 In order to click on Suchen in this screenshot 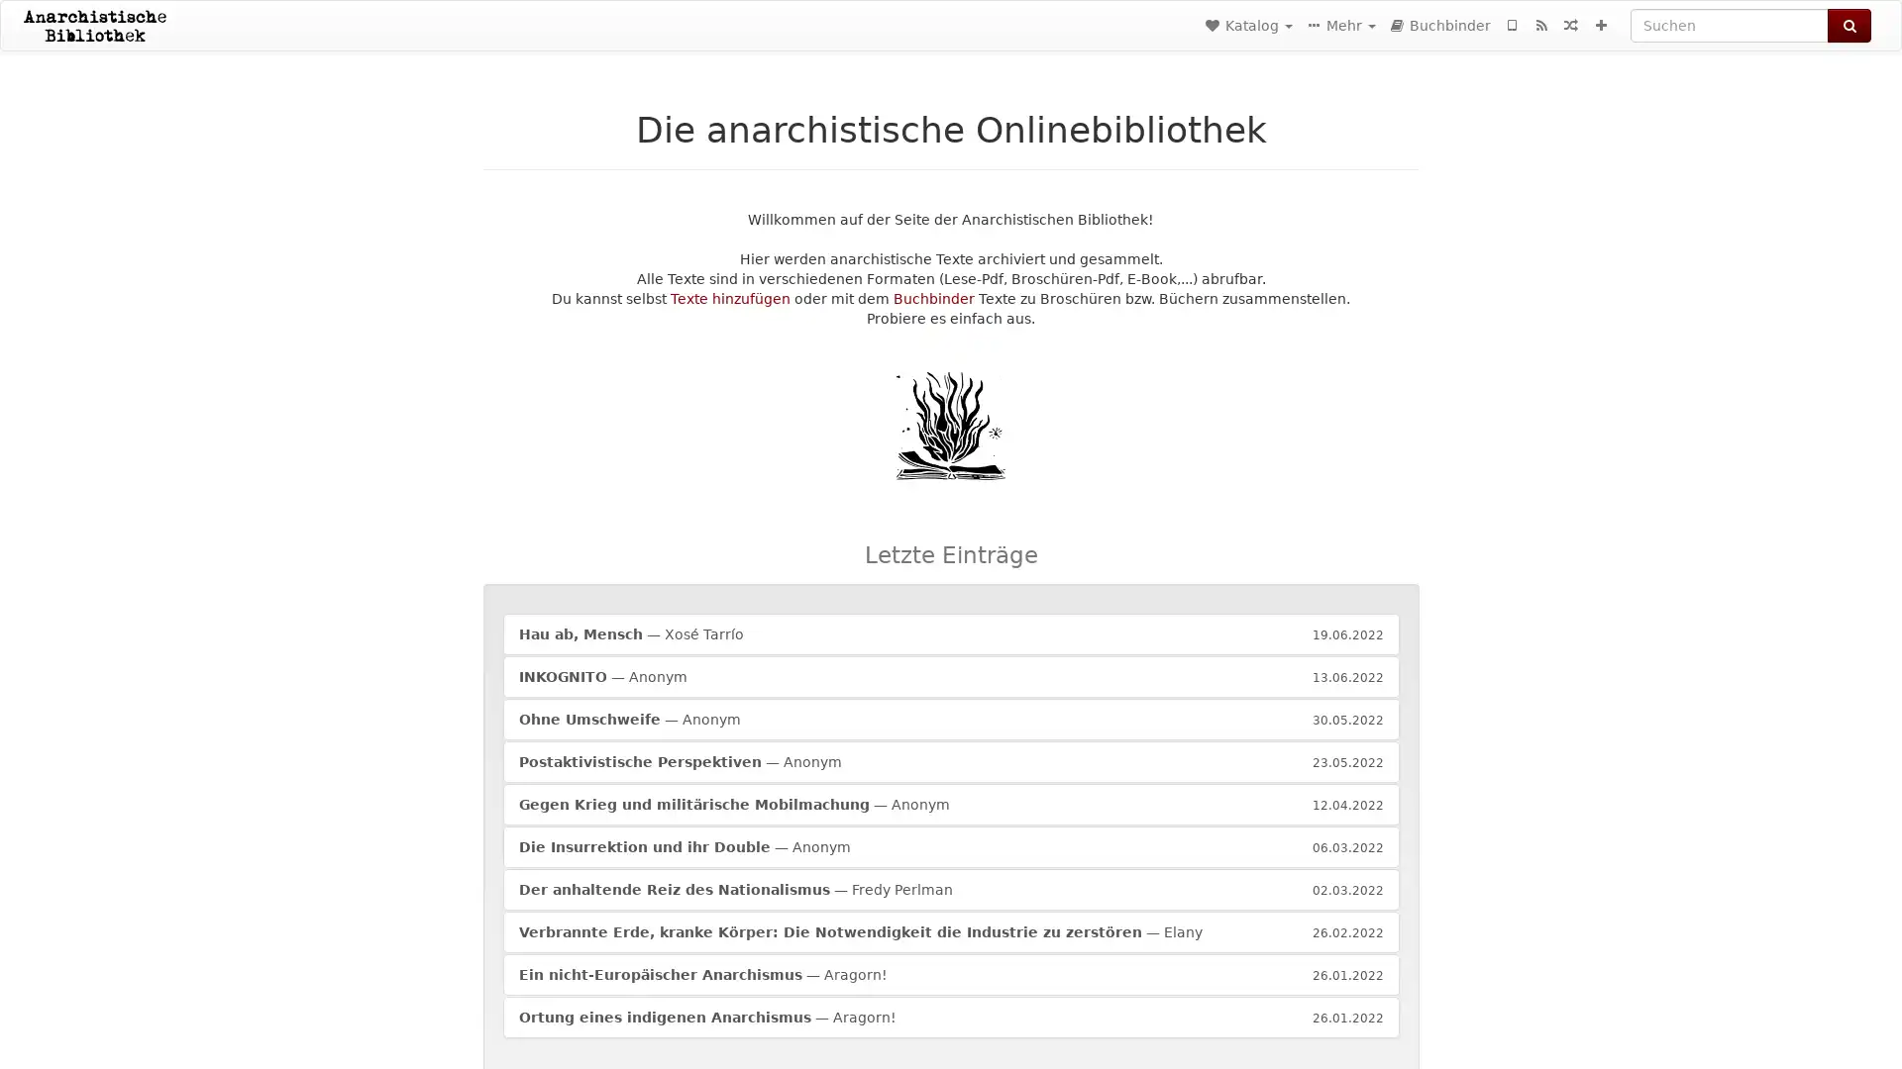, I will do `click(1849, 26)`.